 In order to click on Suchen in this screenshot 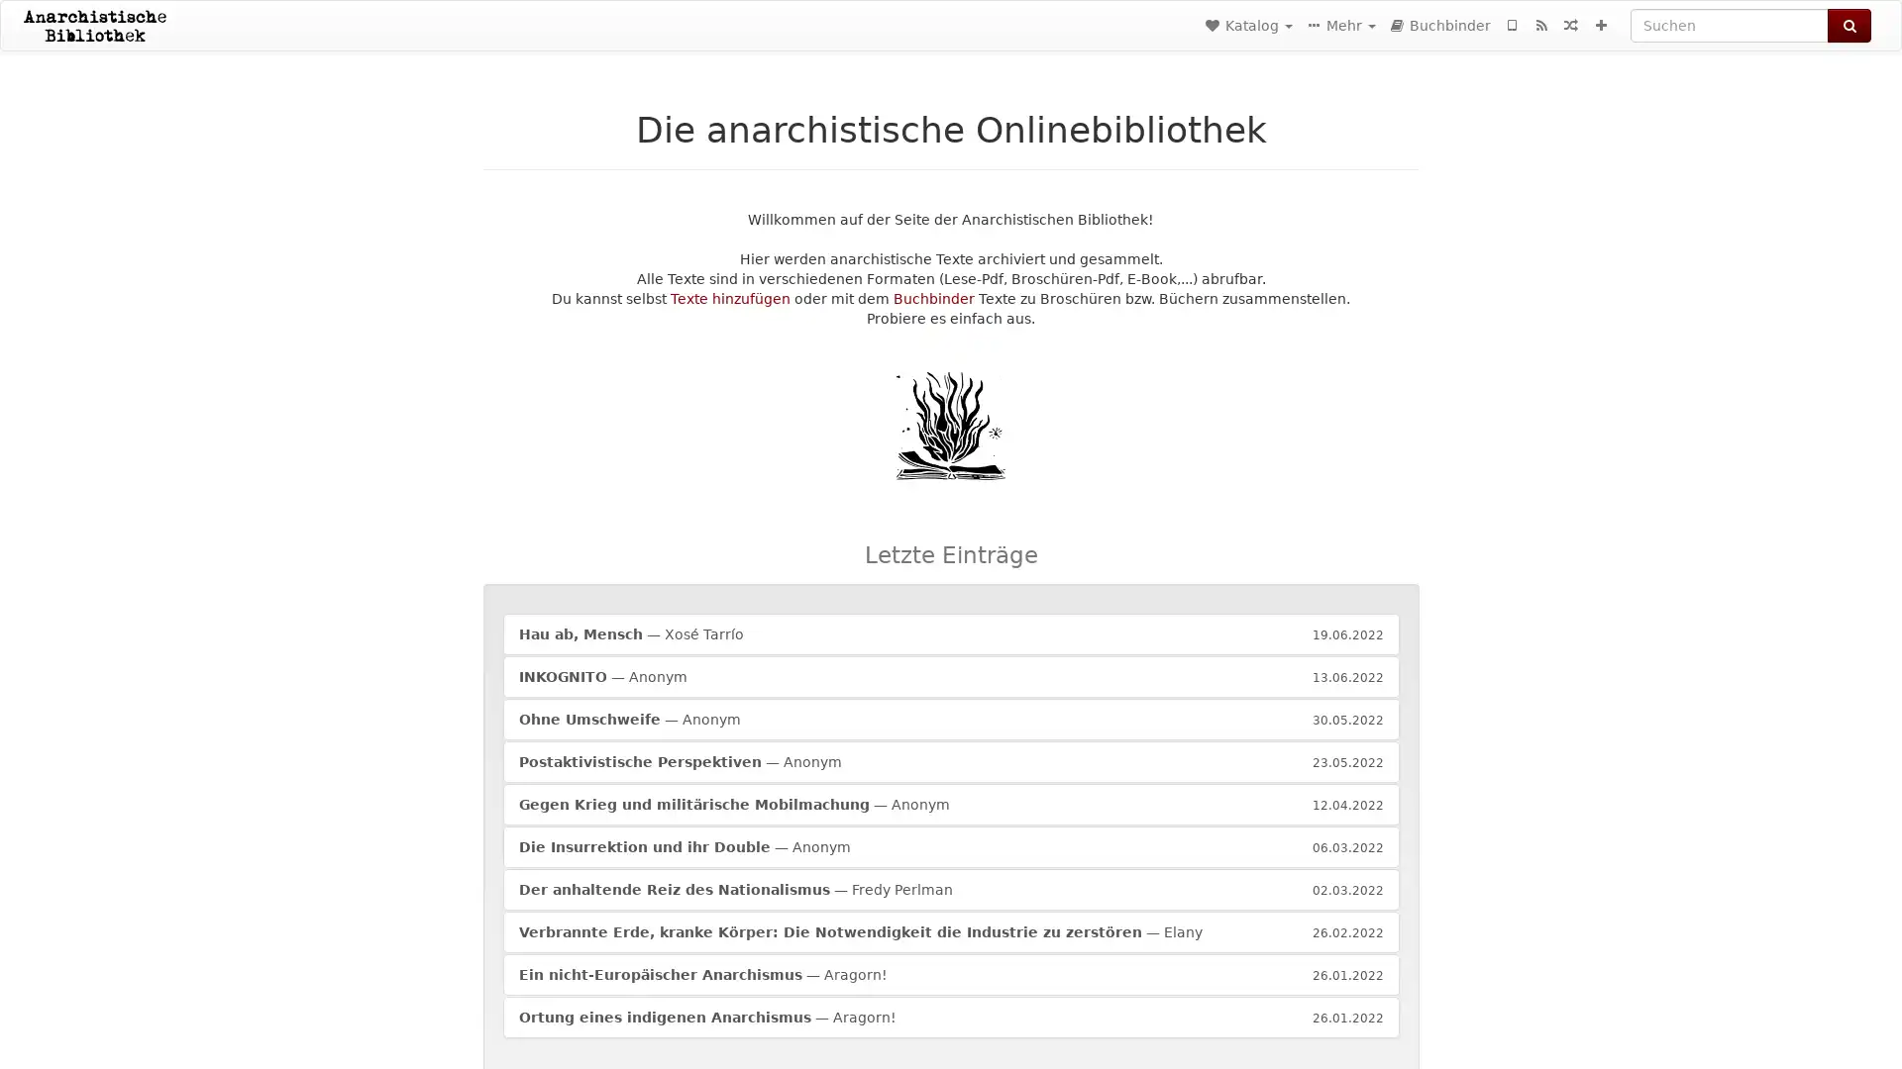, I will do `click(1849, 26)`.